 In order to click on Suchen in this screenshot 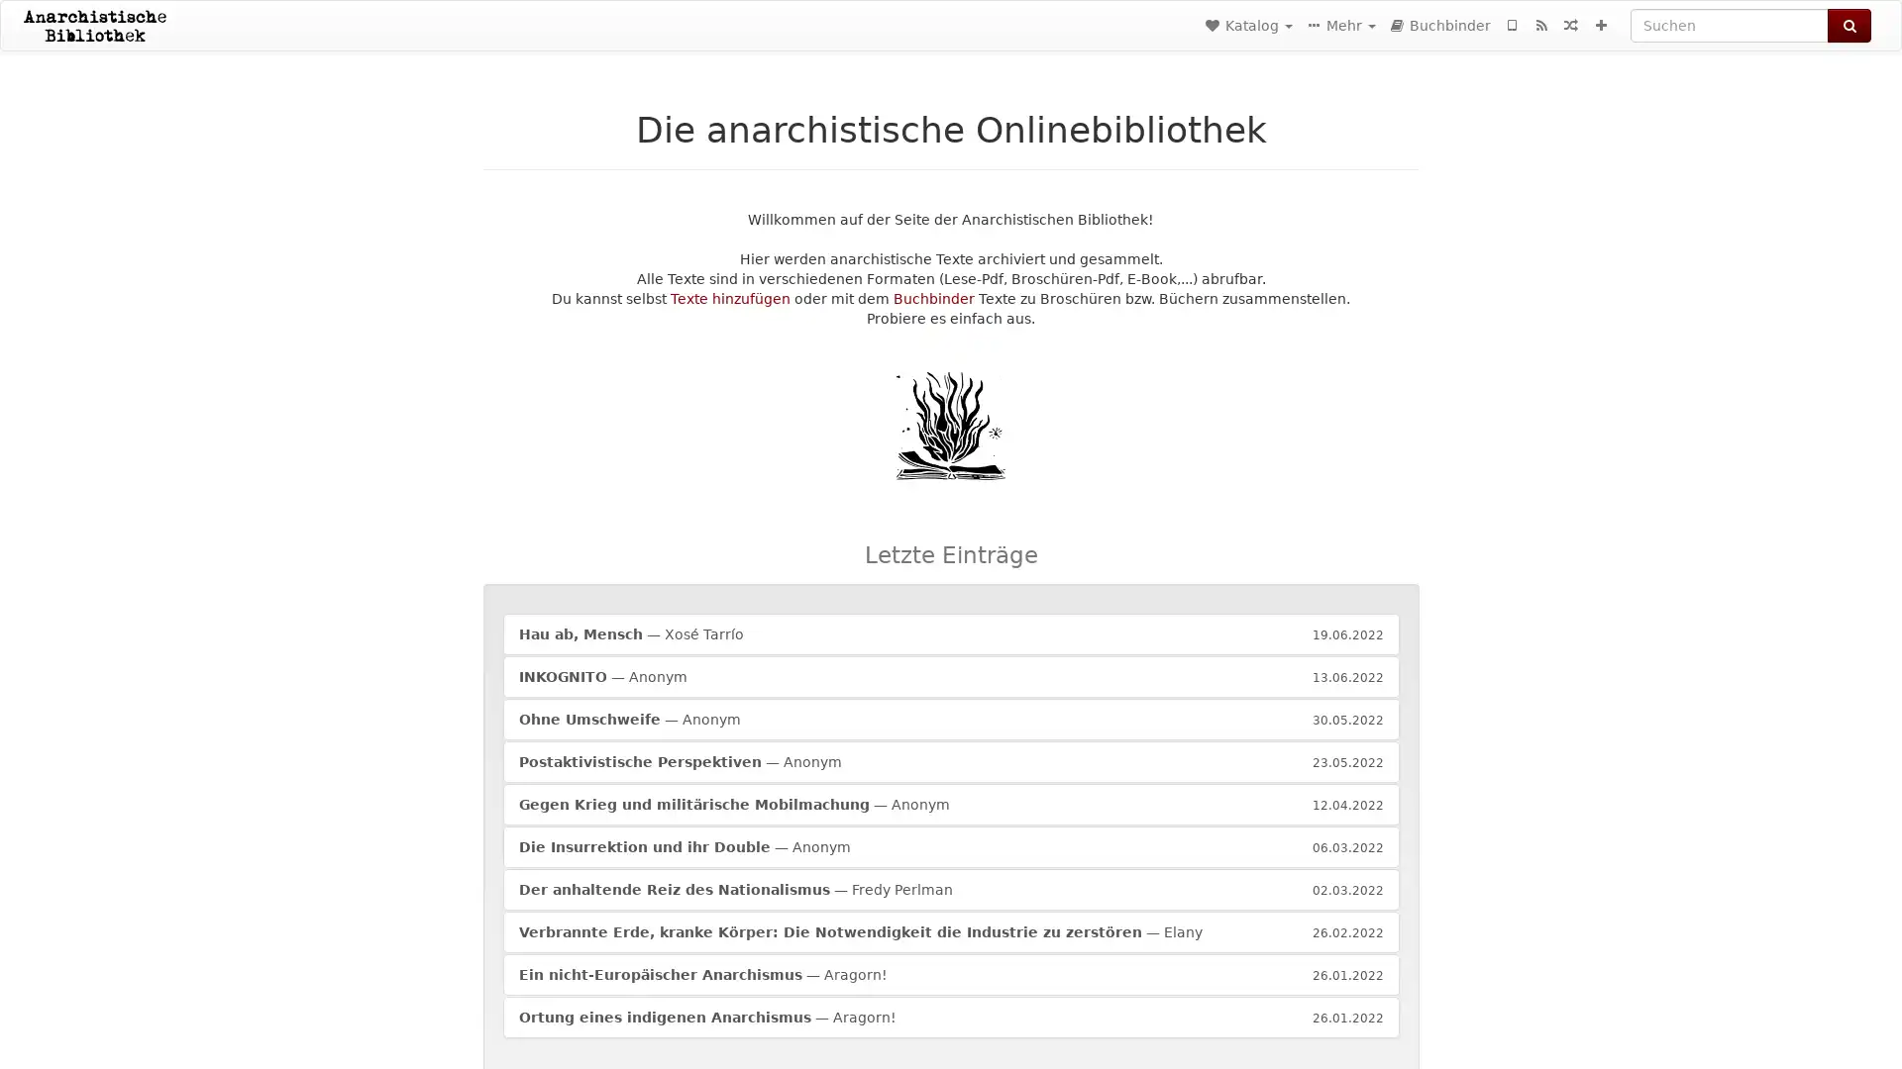, I will do `click(1849, 26)`.